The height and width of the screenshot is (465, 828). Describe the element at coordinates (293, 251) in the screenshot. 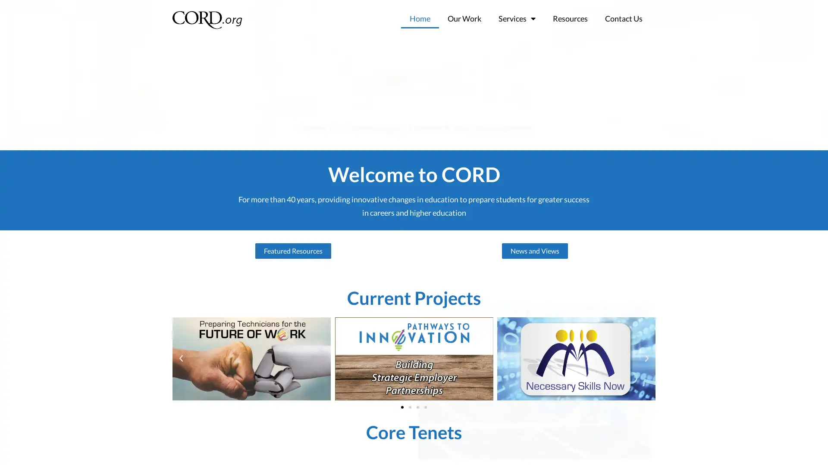

I see `Featured Resources` at that location.